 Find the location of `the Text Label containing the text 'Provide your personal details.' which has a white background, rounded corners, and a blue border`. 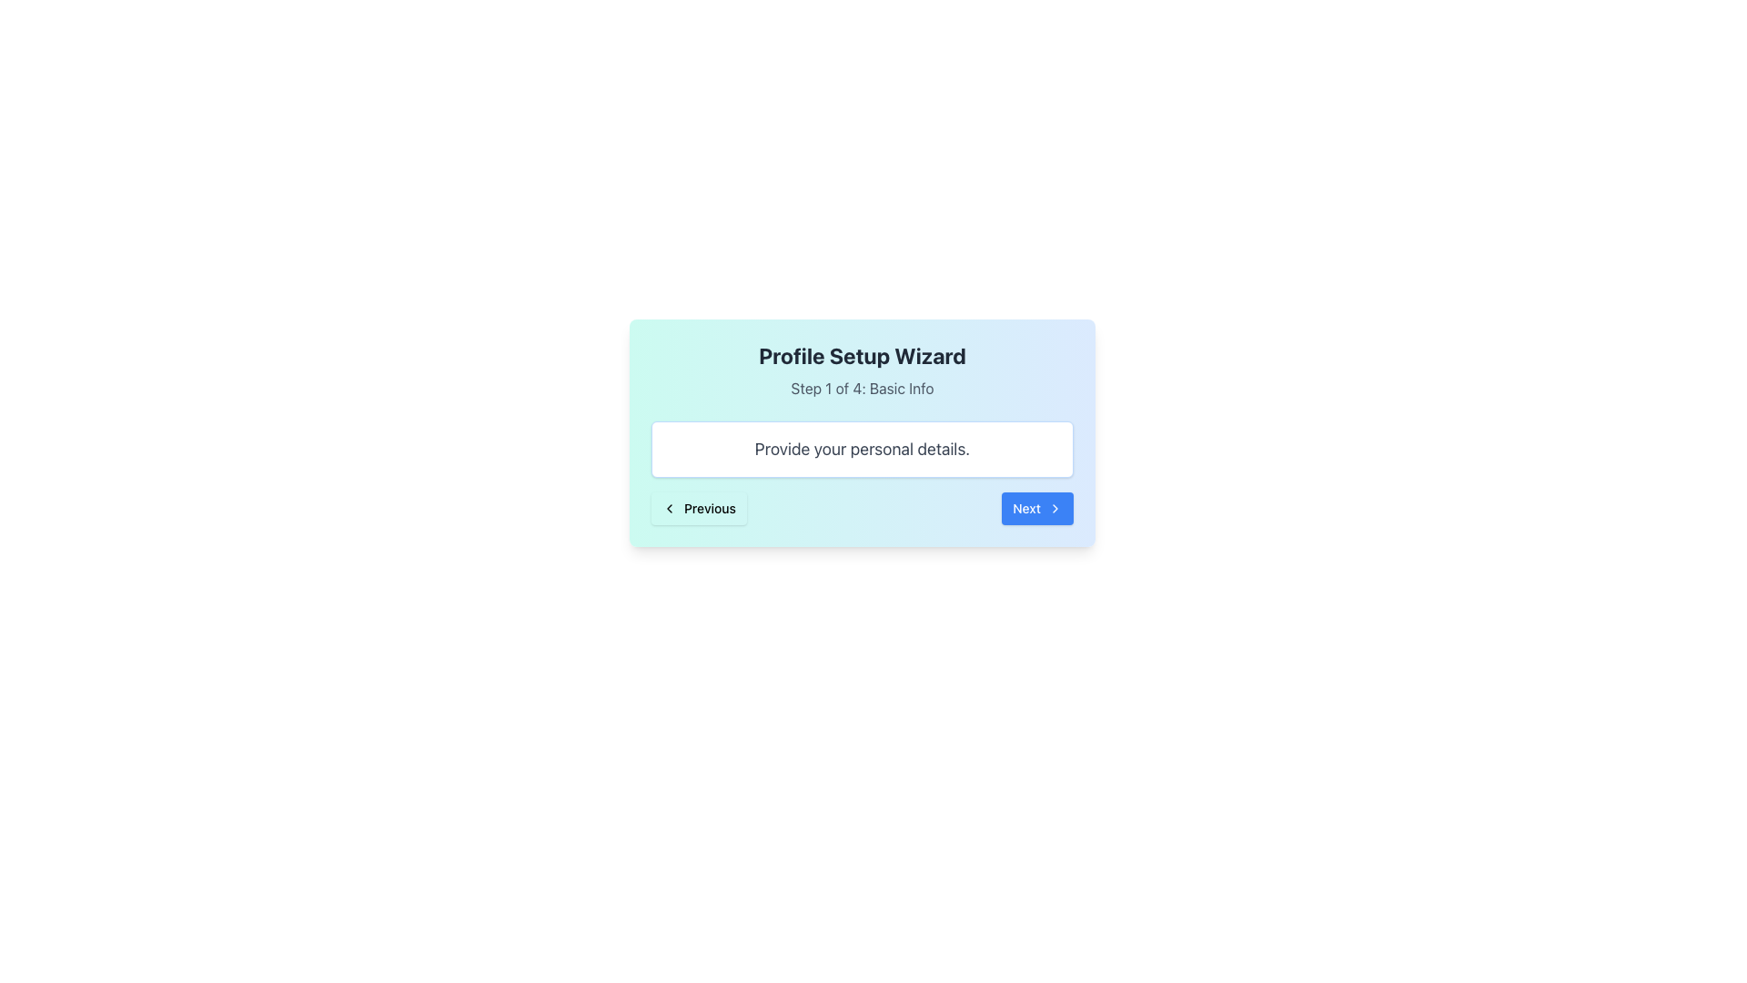

the Text Label containing the text 'Provide your personal details.' which has a white background, rounded corners, and a blue border is located at coordinates (862, 449).